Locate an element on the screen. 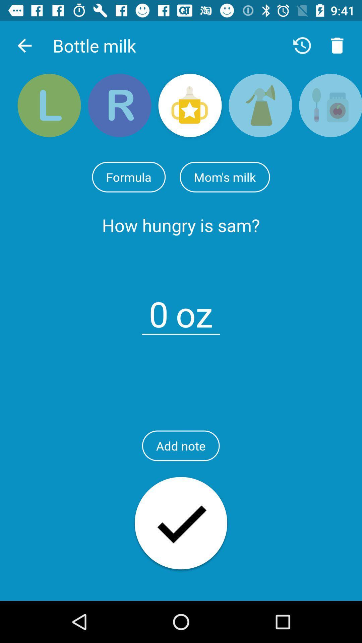 The width and height of the screenshot is (362, 643). item above the how hungry is is located at coordinates (225, 177).